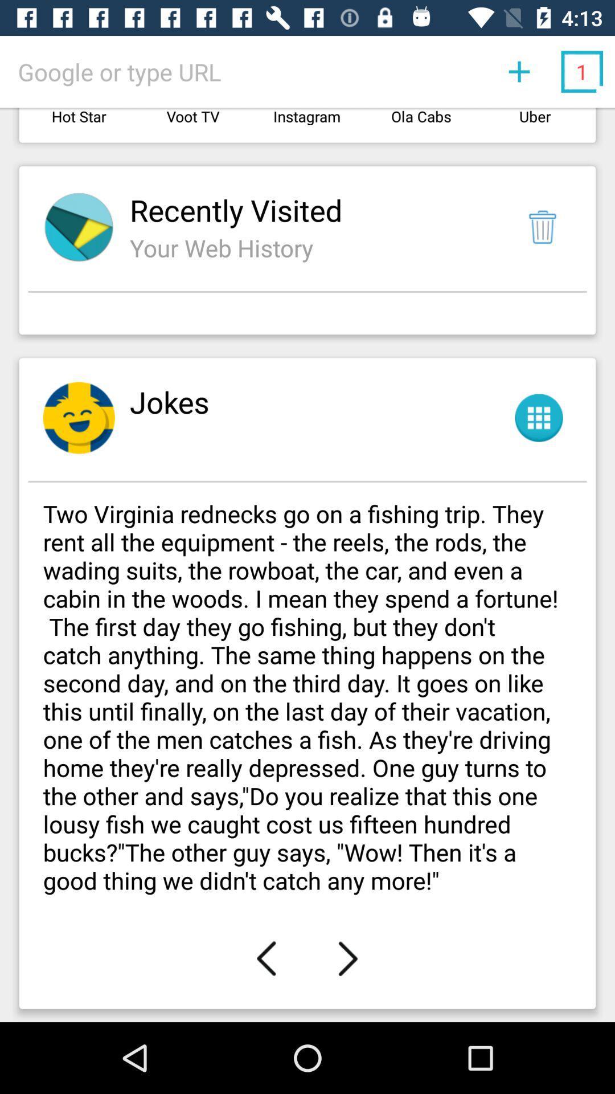 The image size is (615, 1094). I want to click on the icon below the two virginia rednecks app, so click(266, 958).